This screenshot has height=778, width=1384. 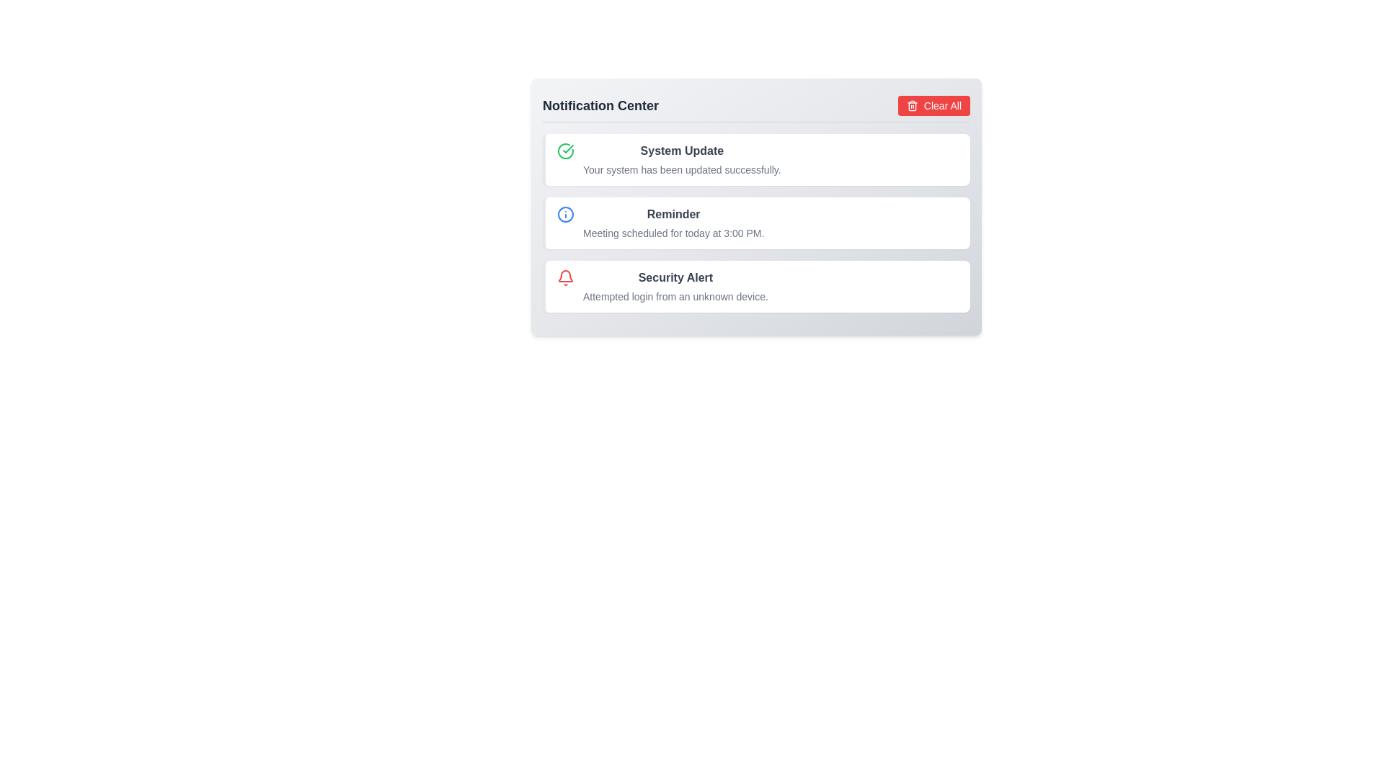 What do you see at coordinates (755, 223) in the screenshot?
I see `the second notification card in the Notification Center that reminds about a meeting scheduled for today at 3:00 PM` at bounding box center [755, 223].